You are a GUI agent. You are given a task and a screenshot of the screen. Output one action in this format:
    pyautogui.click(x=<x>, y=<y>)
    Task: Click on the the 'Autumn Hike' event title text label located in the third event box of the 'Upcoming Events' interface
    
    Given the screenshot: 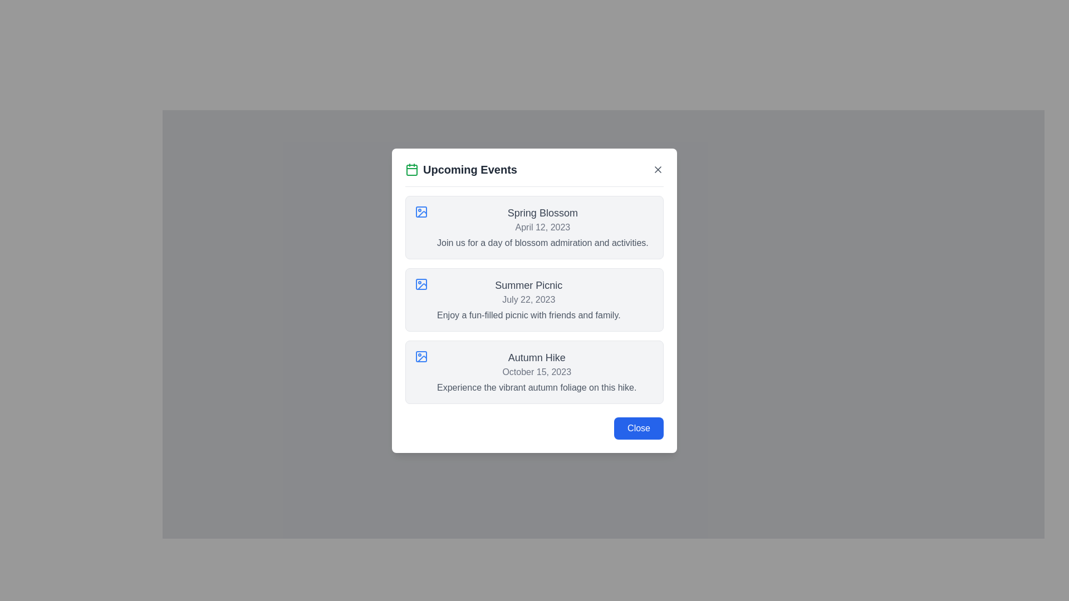 What is the action you would take?
    pyautogui.click(x=537, y=357)
    